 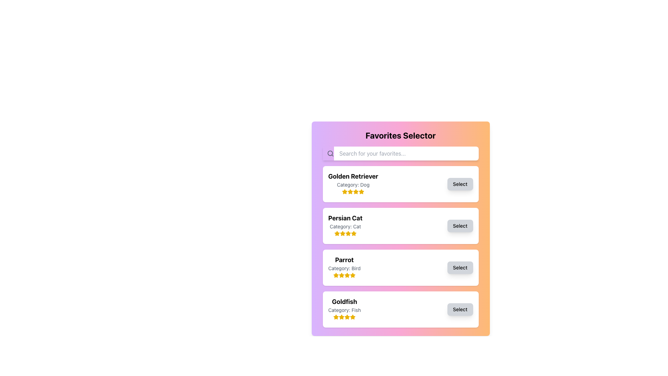 What do you see at coordinates (400, 309) in the screenshot?
I see `the goldfish selection card, which contains a 'Select' button and is the fourth item in a vertical list of cards` at bounding box center [400, 309].